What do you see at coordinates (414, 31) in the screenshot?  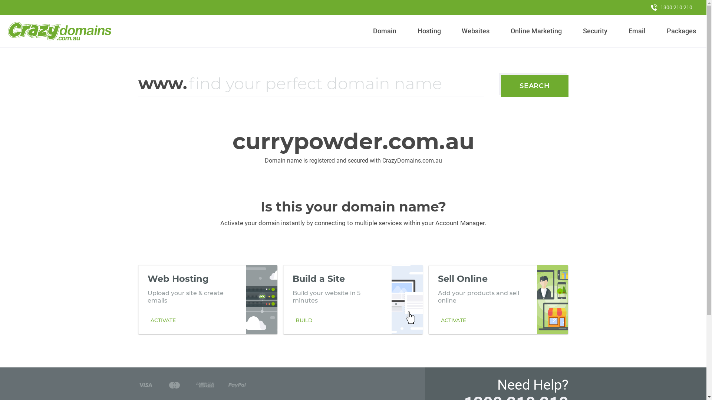 I see `'Hosting'` at bounding box center [414, 31].